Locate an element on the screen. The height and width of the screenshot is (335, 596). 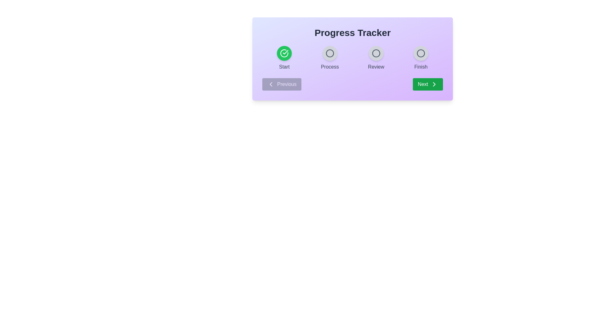
the Navigation Button Group located at the bottom center of the progress tracker interface is located at coordinates (353, 84).